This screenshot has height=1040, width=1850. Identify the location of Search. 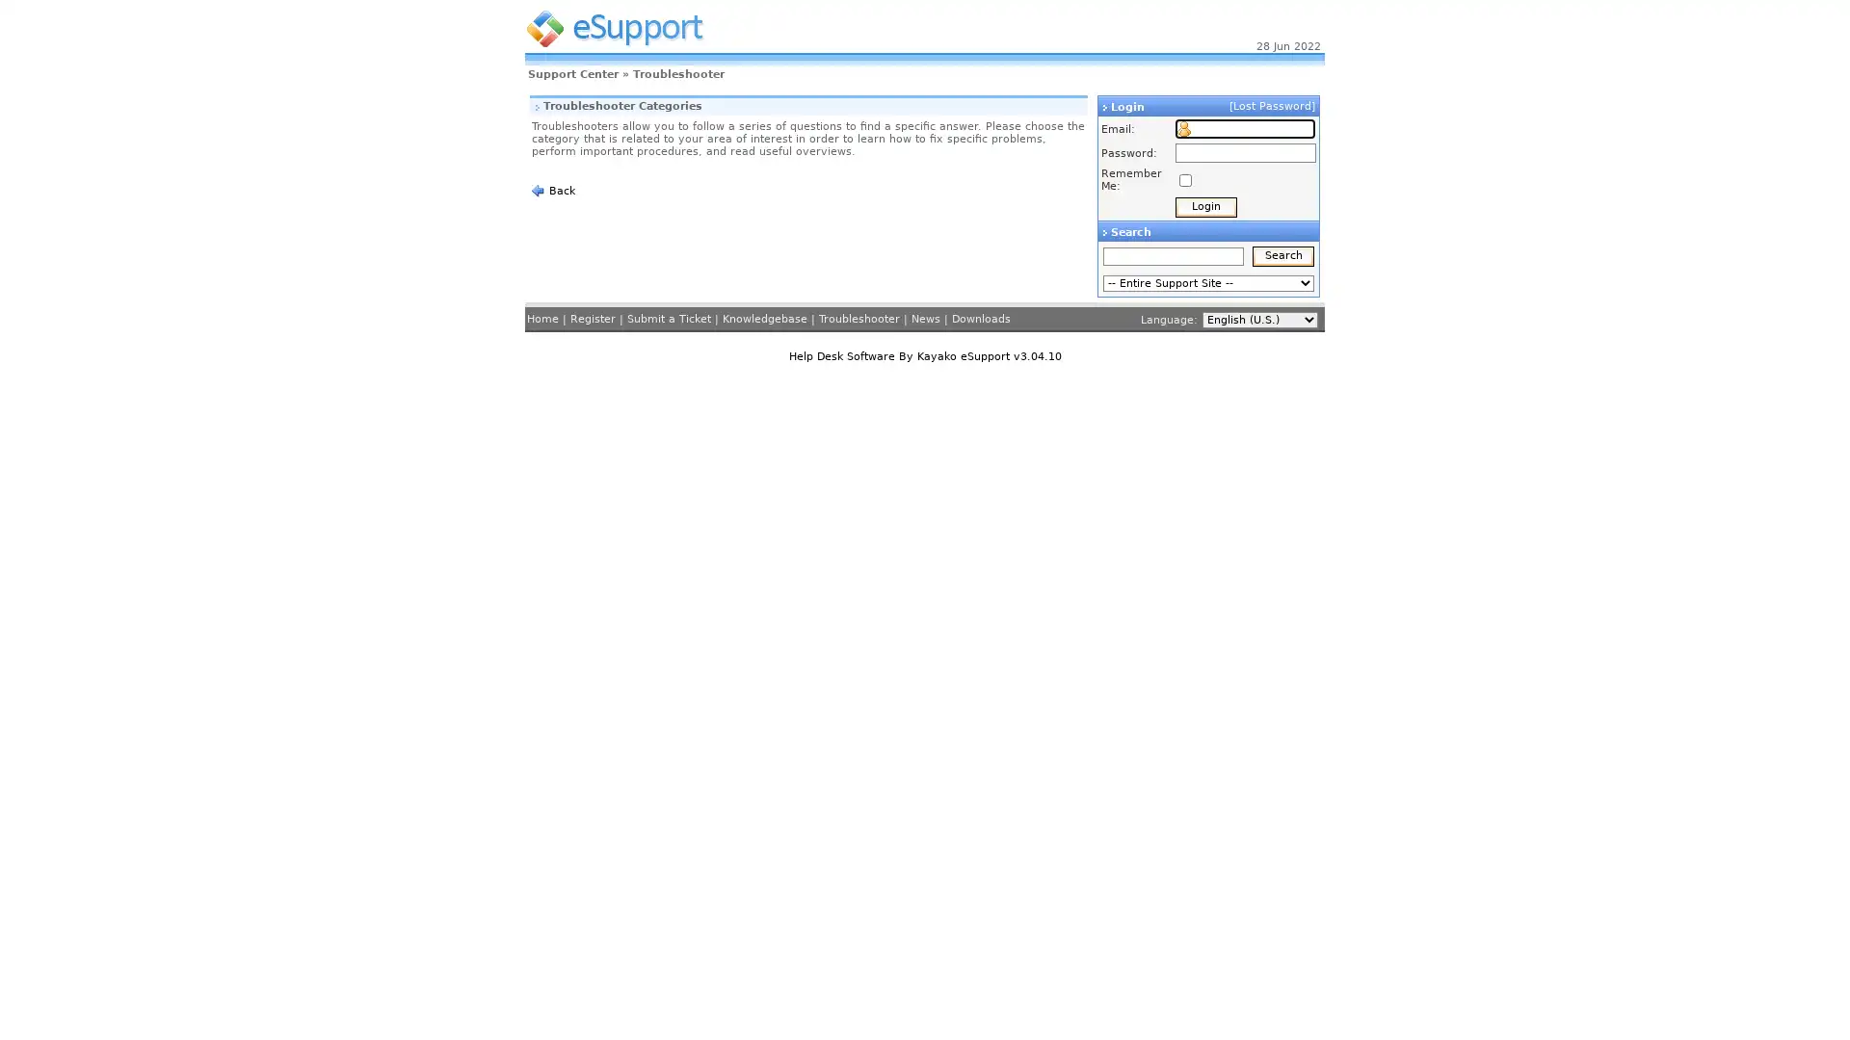
(1283, 255).